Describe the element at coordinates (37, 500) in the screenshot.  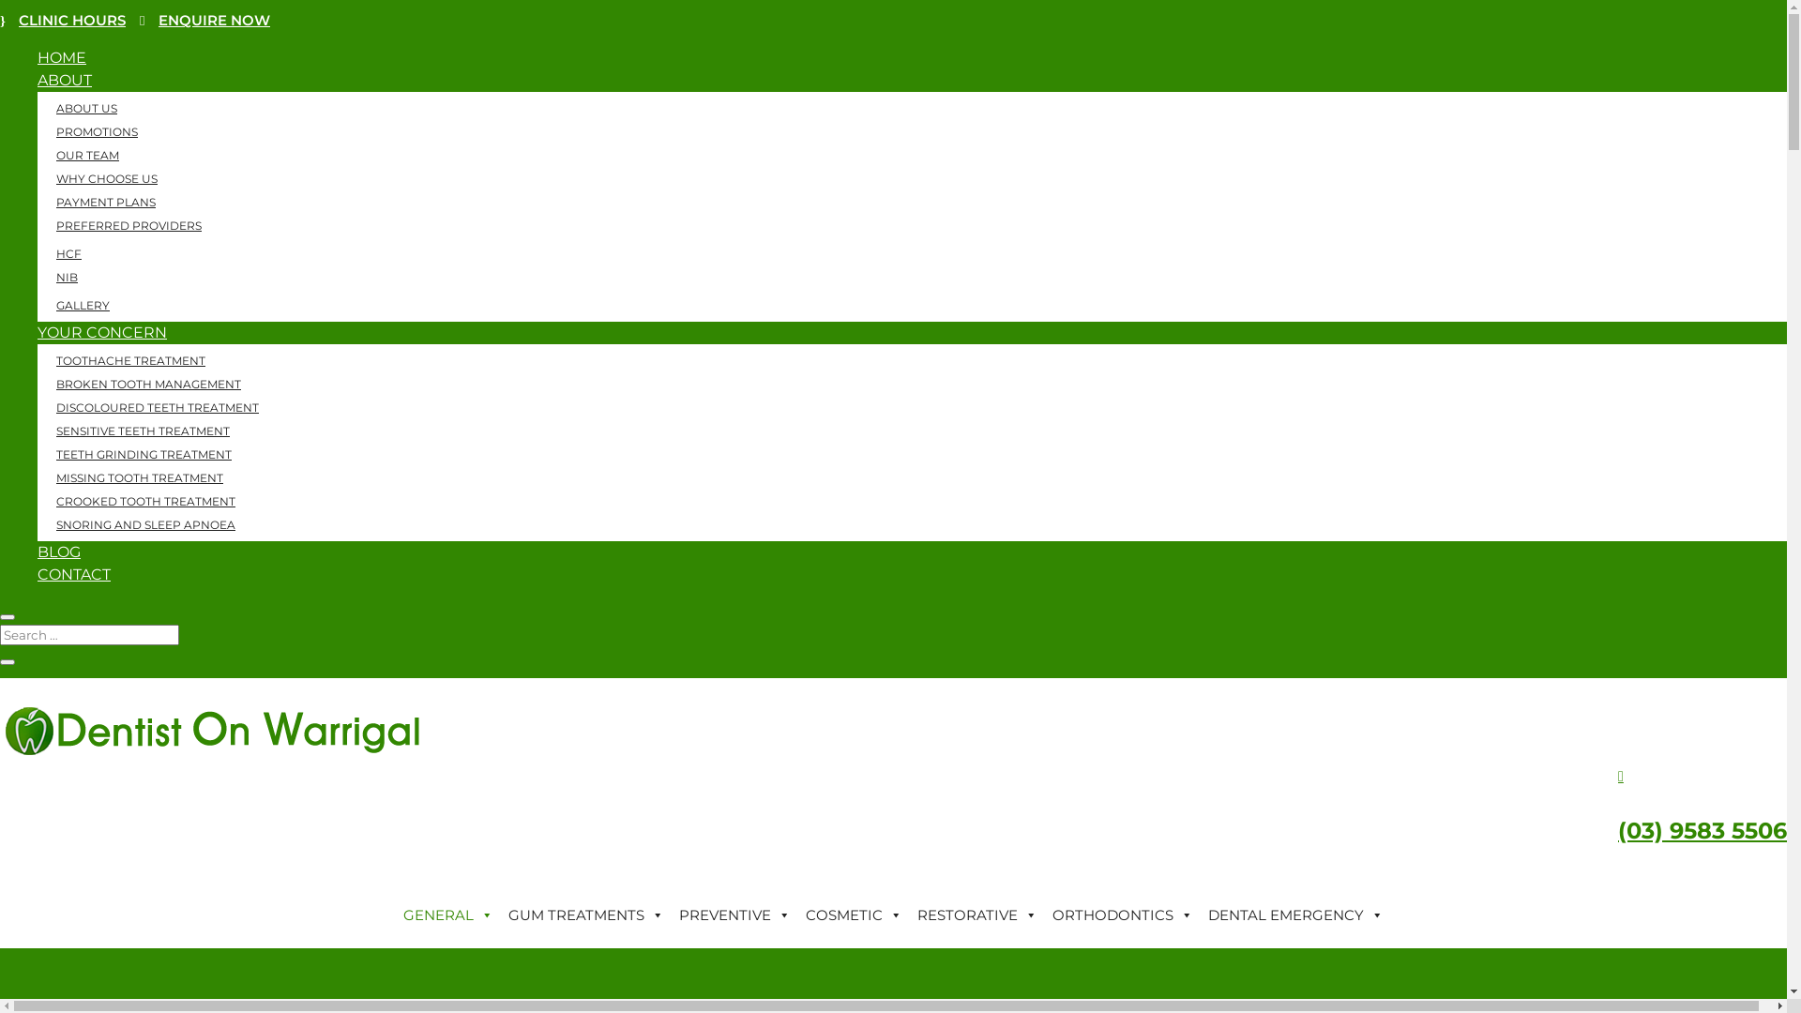
I see `'CROOKED TOOTH TREATMENT'` at that location.